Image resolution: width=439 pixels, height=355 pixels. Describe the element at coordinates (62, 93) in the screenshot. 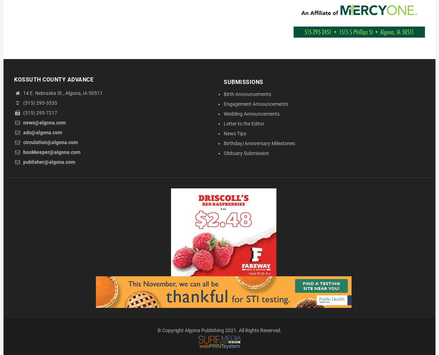

I see `'14 E. Nebraska St., Algona, IA 50511'` at that location.